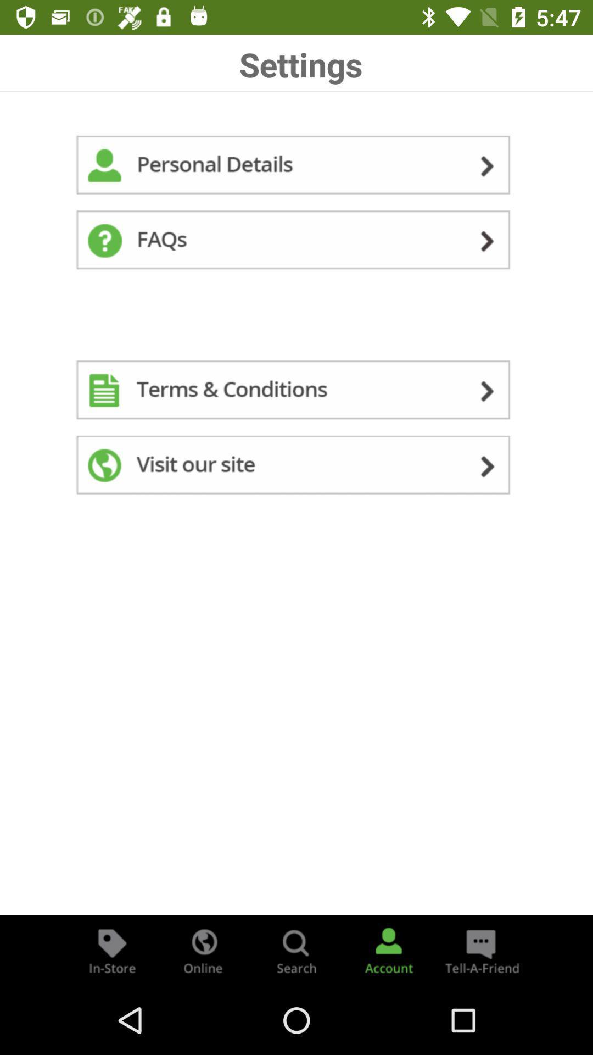 The width and height of the screenshot is (593, 1055). Describe the element at coordinates (388, 949) in the screenshot. I see `account` at that location.